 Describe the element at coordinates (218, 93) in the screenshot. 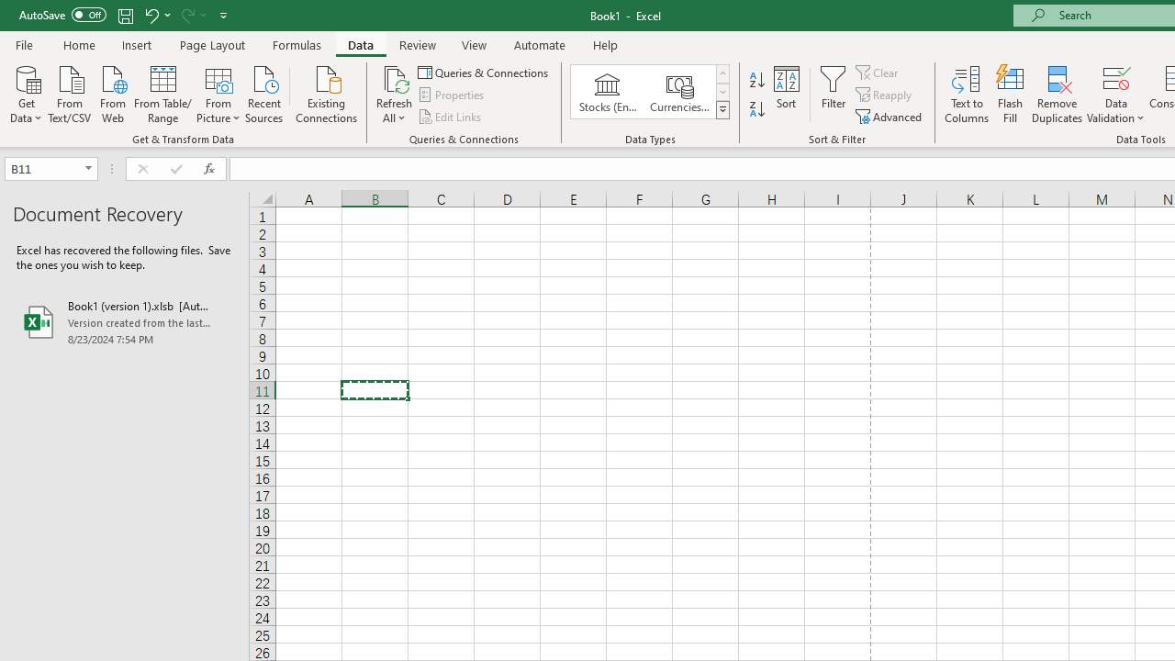

I see `'From Picture'` at that location.